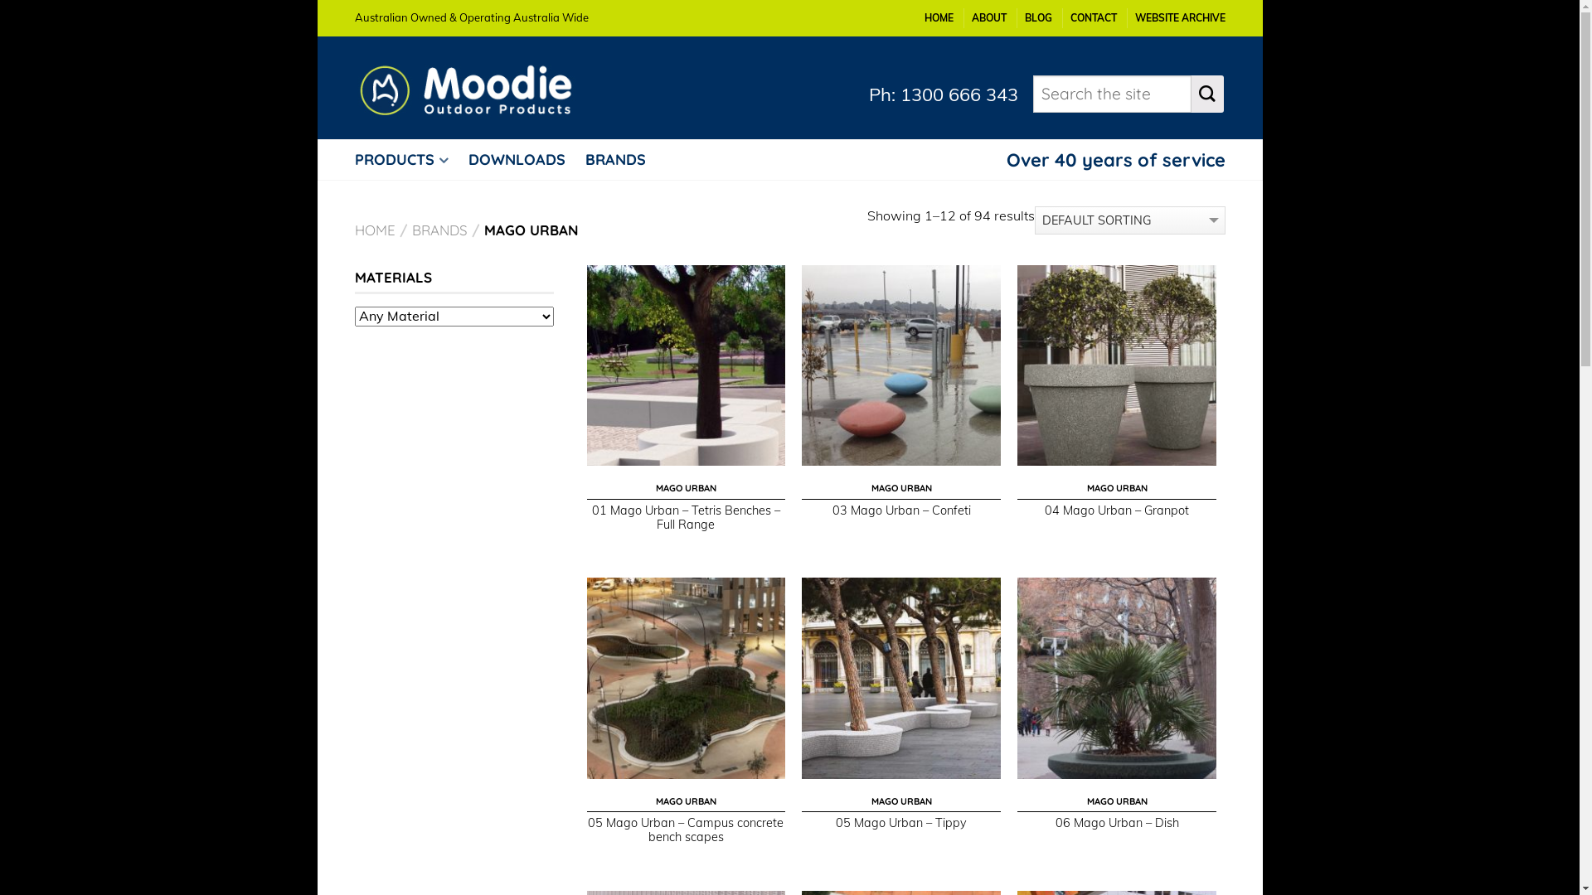 The height and width of the screenshot is (895, 1592). What do you see at coordinates (1037, 17) in the screenshot?
I see `'BLOG'` at bounding box center [1037, 17].